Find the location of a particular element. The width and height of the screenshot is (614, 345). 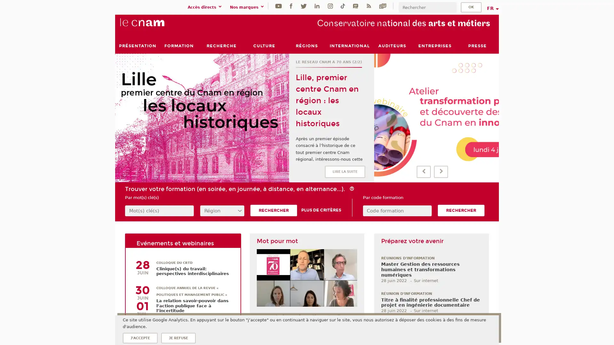

RECHERCHER is located at coordinates (461, 211).